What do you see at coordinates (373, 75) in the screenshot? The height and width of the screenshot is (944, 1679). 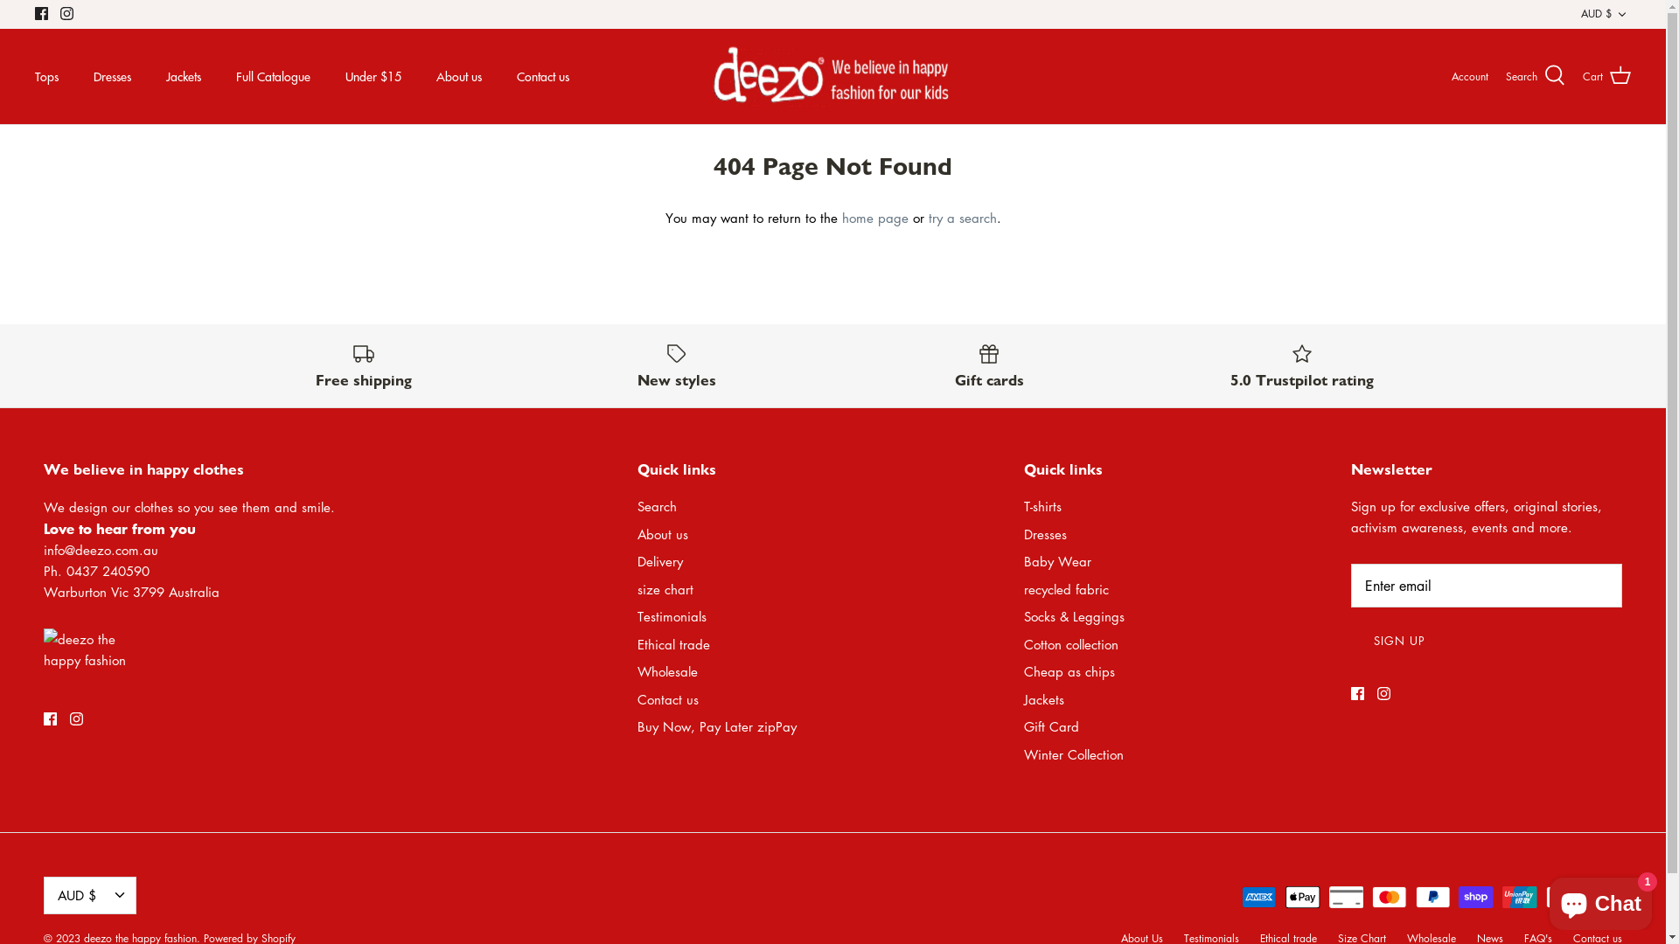 I see `'Under $15'` at bounding box center [373, 75].